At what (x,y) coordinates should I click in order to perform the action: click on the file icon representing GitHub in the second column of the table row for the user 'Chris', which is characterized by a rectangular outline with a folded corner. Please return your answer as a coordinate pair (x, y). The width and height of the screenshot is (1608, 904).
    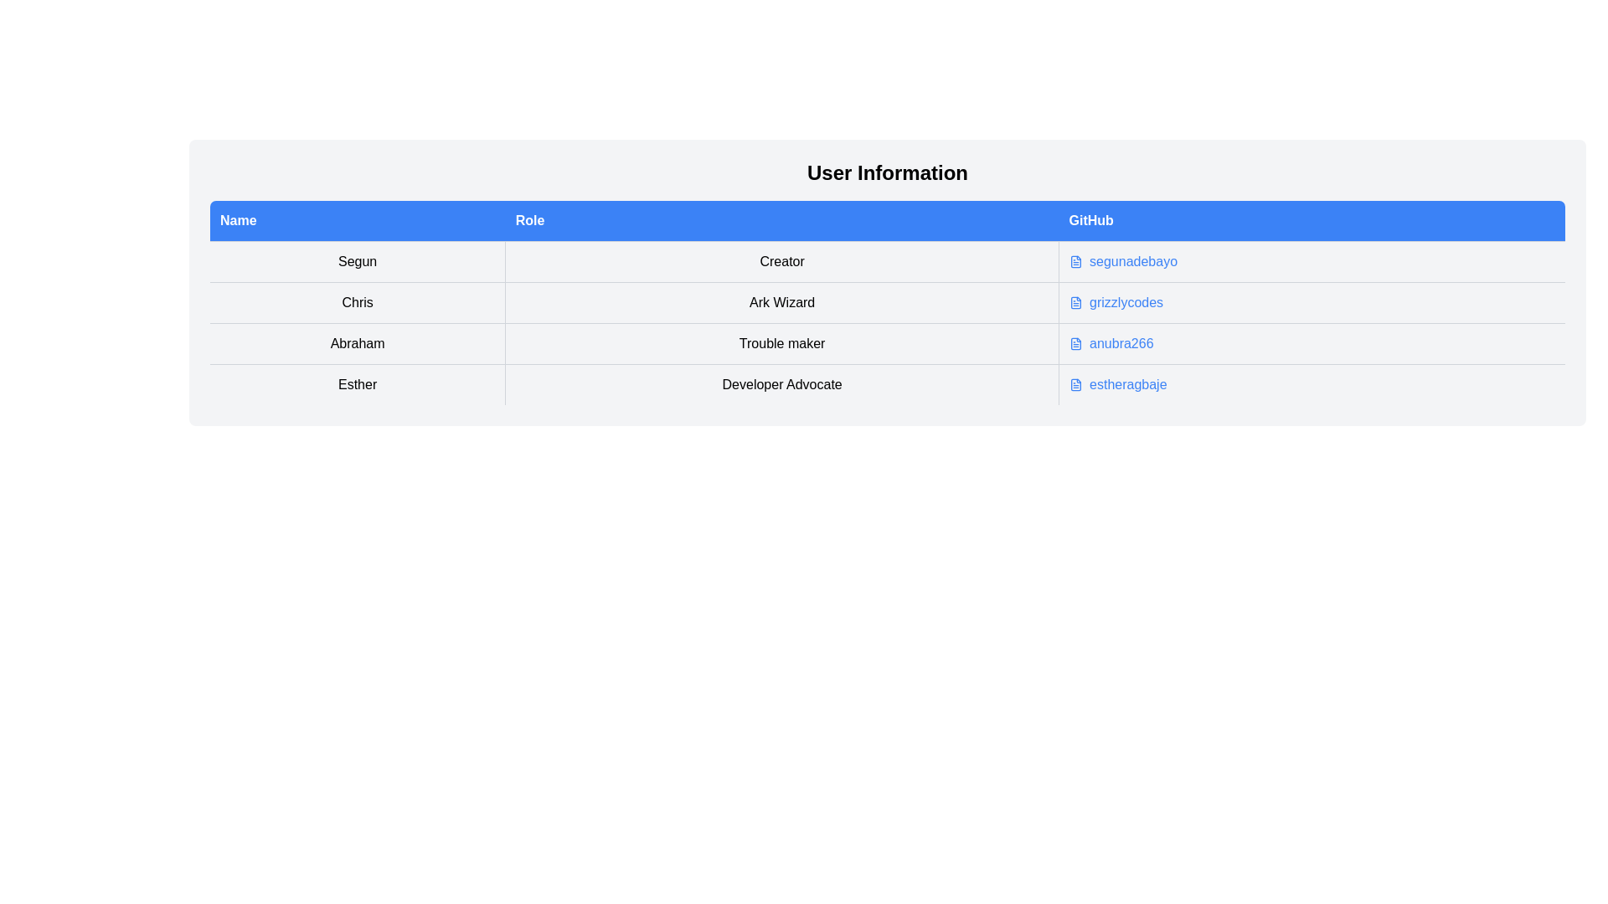
    Looking at the image, I should click on (1076, 303).